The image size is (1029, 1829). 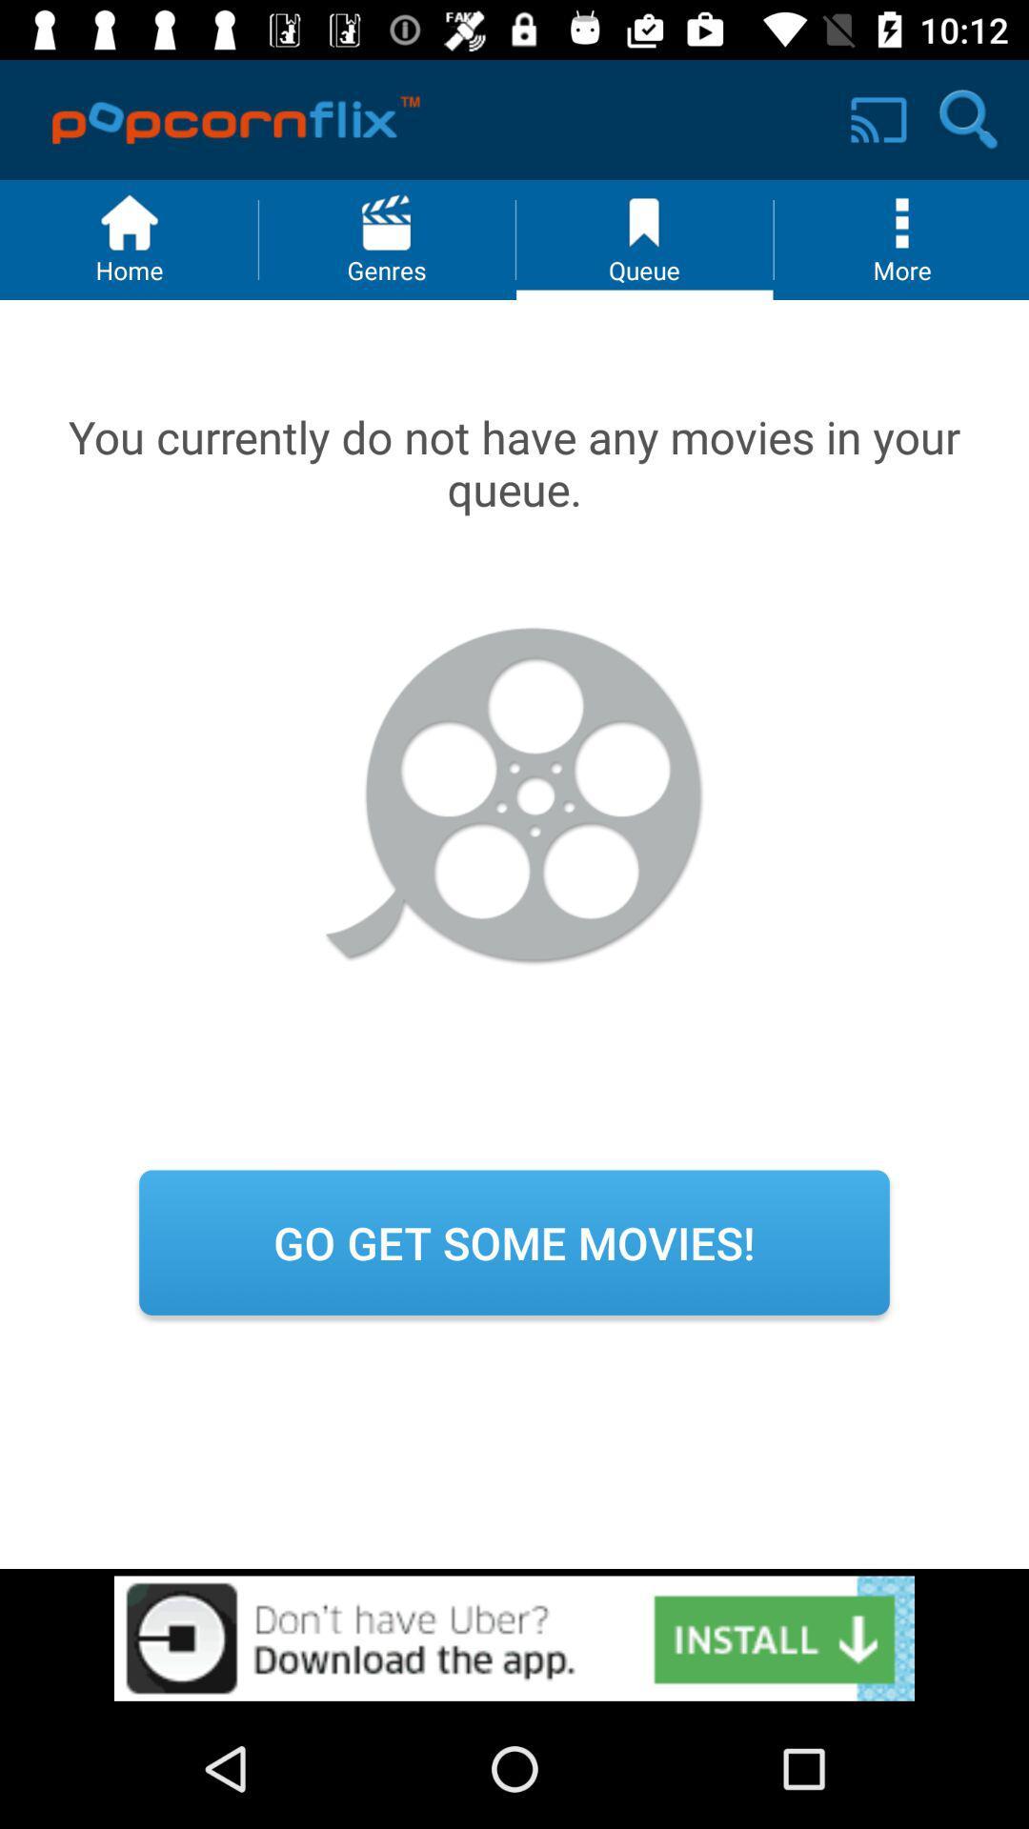 What do you see at coordinates (969, 118) in the screenshot?
I see `the search icon` at bounding box center [969, 118].